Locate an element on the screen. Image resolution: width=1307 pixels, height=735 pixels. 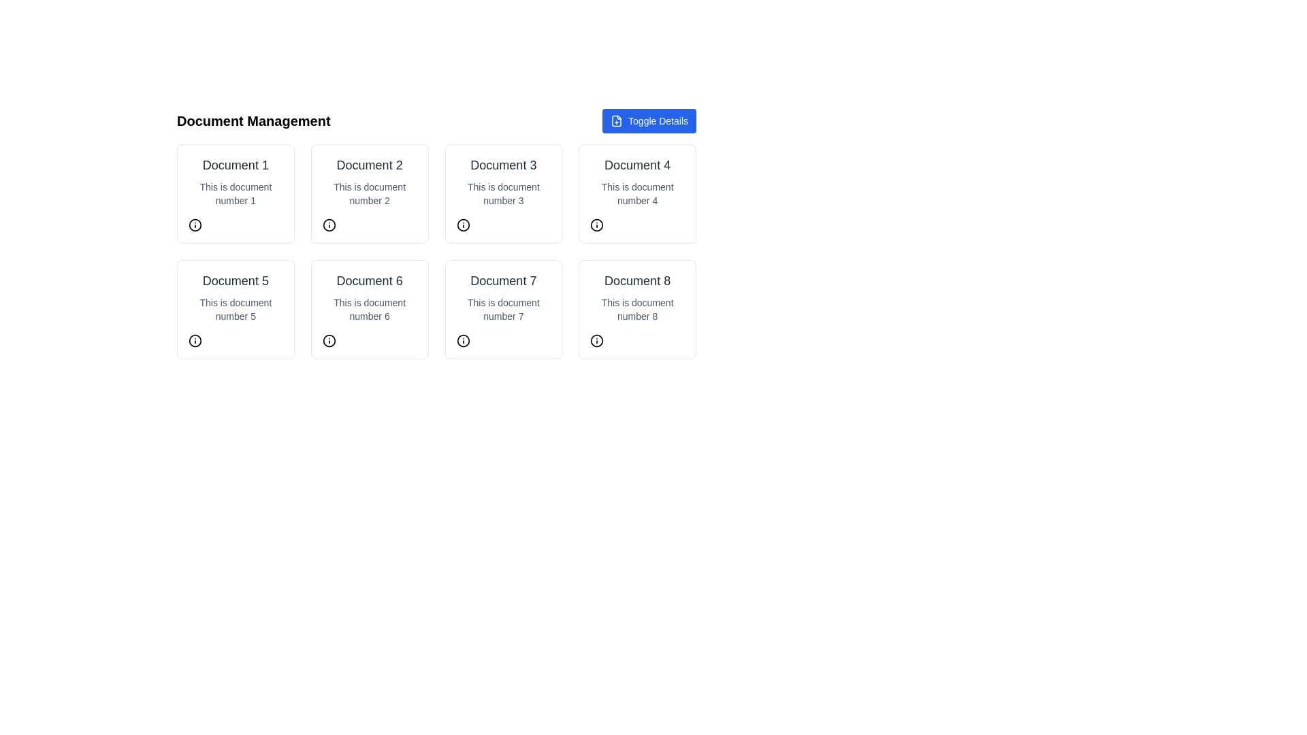
the outermost circle graphical element that enhances the info icon at the bottom-right corner of the 'Document 6' card is located at coordinates (329, 340).